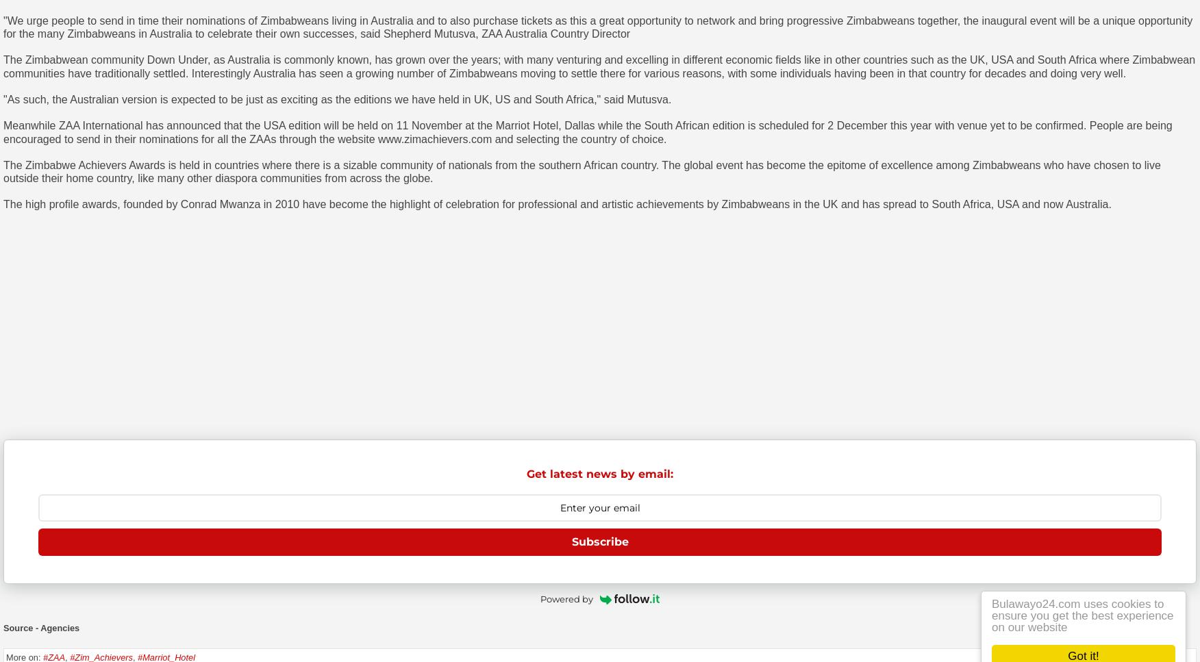 The width and height of the screenshot is (1200, 662). What do you see at coordinates (41, 628) in the screenshot?
I see `'Source - Agencies'` at bounding box center [41, 628].